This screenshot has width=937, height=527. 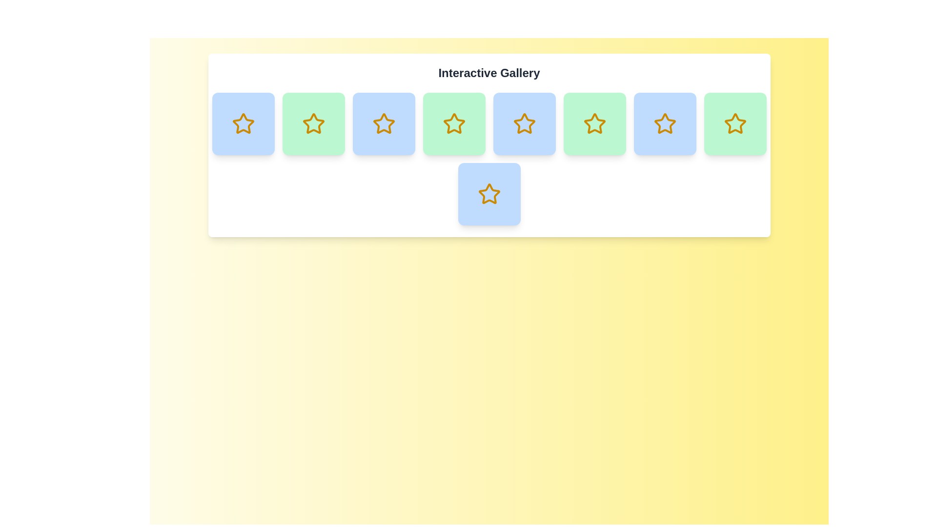 What do you see at coordinates (735, 123) in the screenshot?
I see `the decorative green tile with rounded corners that features a central yellow outlined star-shaped icon, which is the last in a horizontal sequence of similar tiles` at bounding box center [735, 123].